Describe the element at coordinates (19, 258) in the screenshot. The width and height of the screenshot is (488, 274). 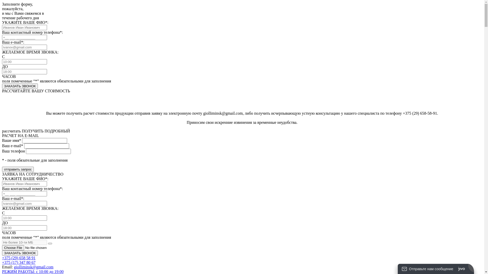
I see `'+375 (29) 658 58 91'` at that location.